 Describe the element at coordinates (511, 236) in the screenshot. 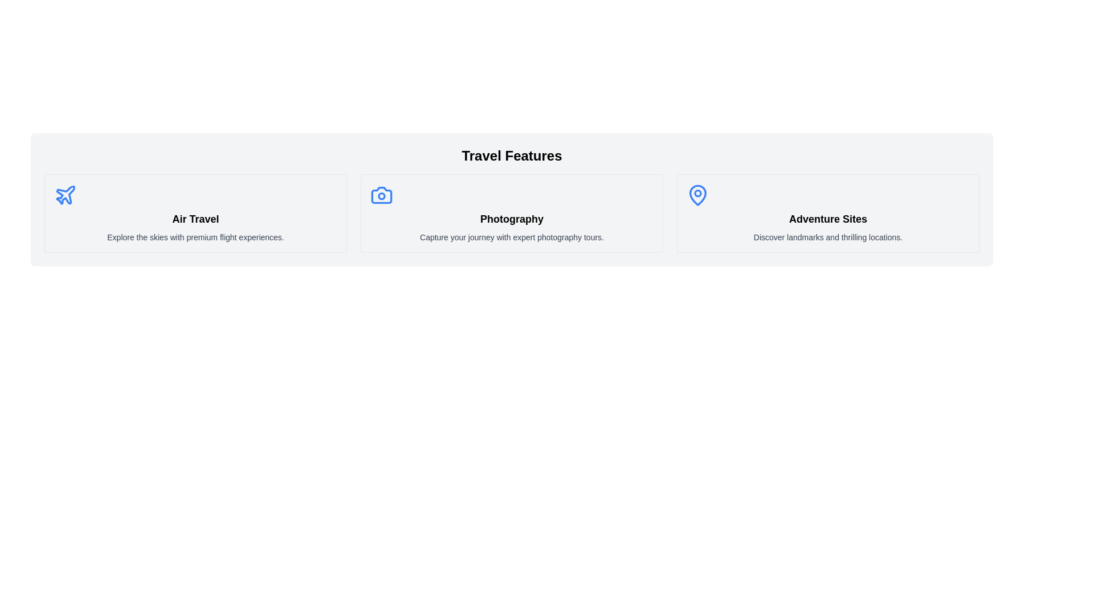

I see `the static text block that provides supplementary information about the 'Photography' feature, located beneath the header 'Photography' in the central card under 'Travel Features'` at that location.